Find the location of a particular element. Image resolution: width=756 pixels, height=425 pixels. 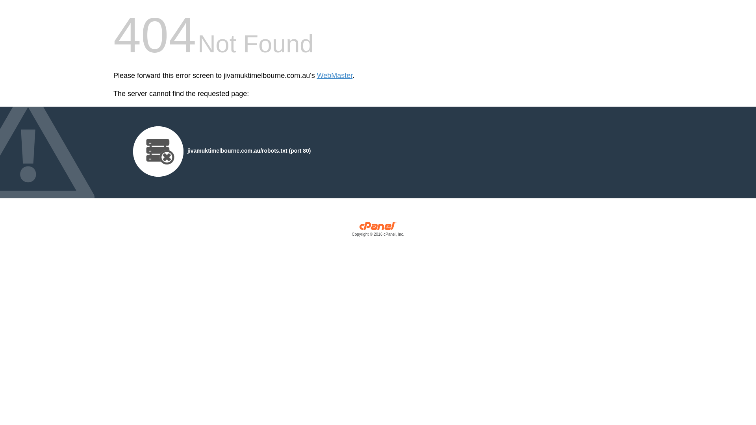

'WebMaster' is located at coordinates (335, 76).